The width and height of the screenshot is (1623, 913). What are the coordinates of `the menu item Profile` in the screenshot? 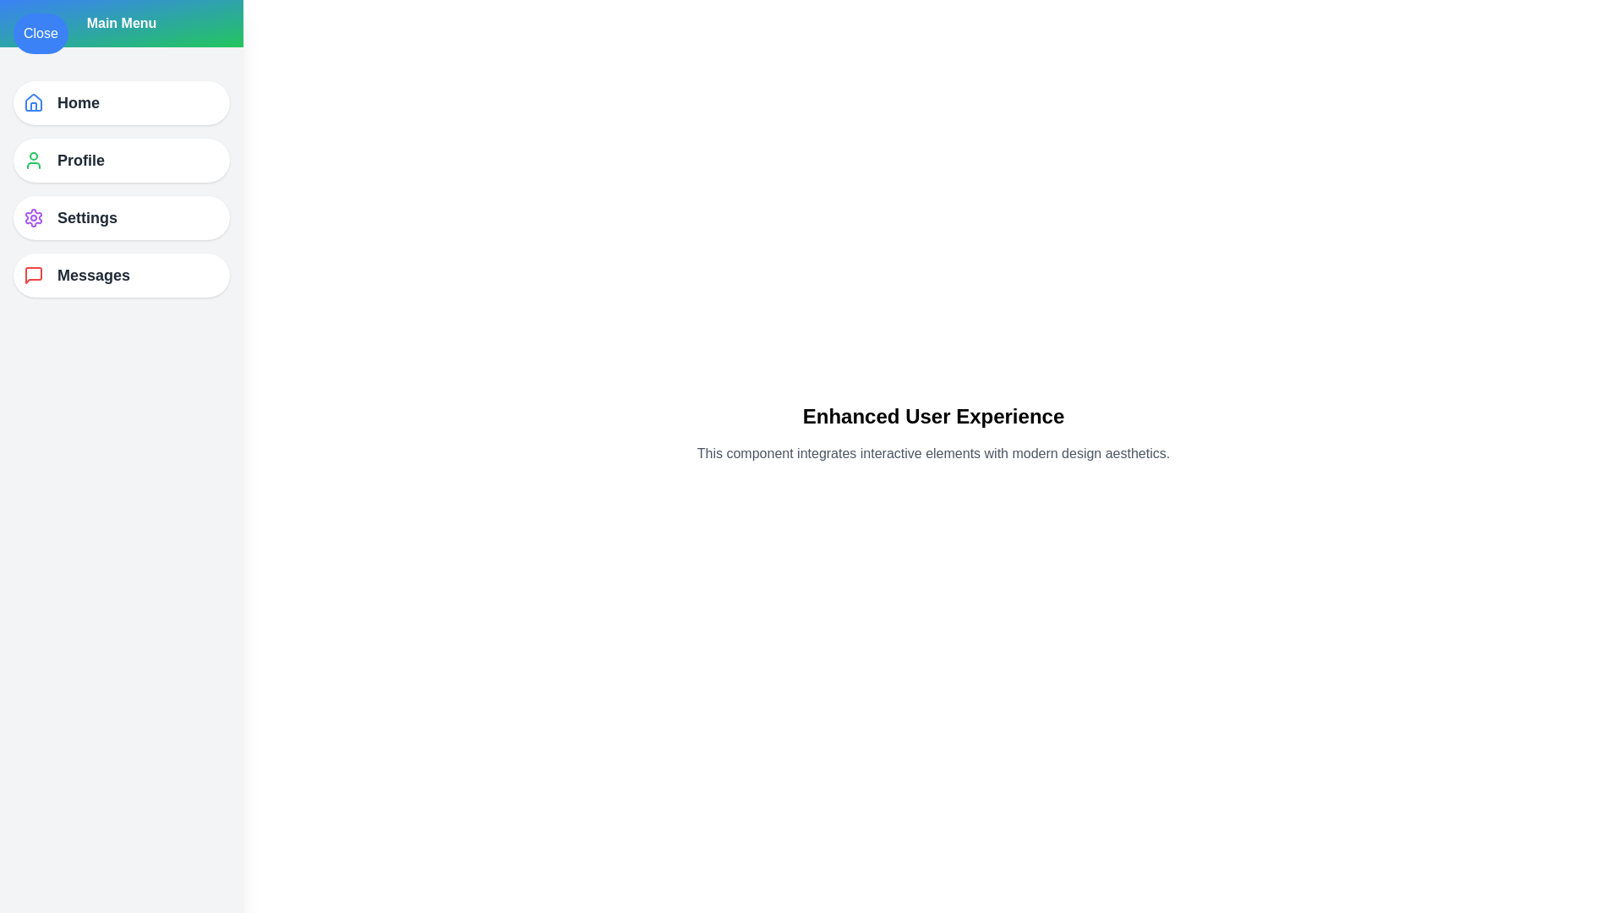 It's located at (121, 160).